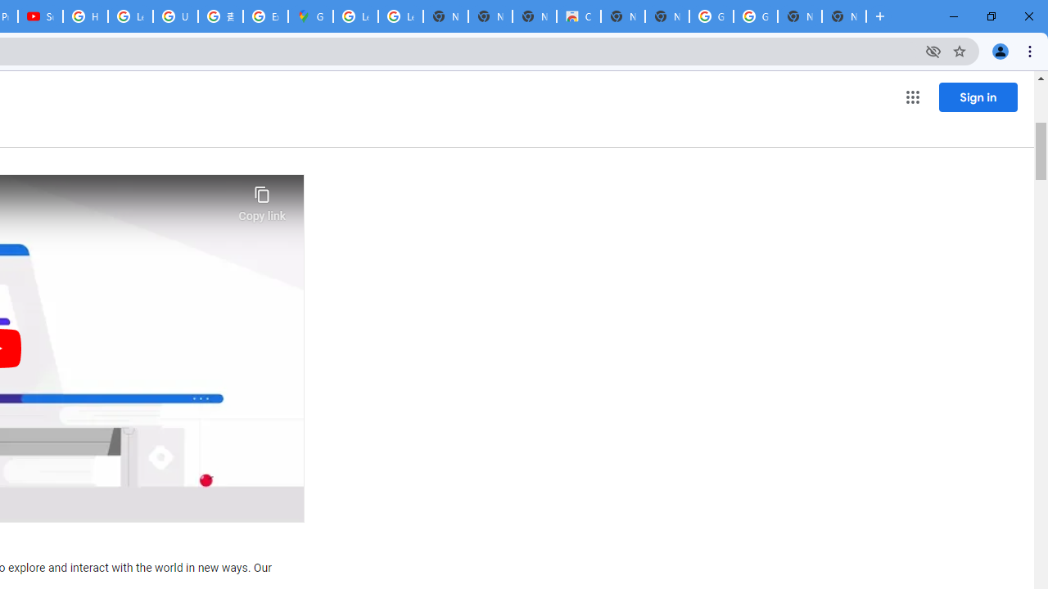 The width and height of the screenshot is (1048, 589). What do you see at coordinates (879, 16) in the screenshot?
I see `'New Tab'` at bounding box center [879, 16].